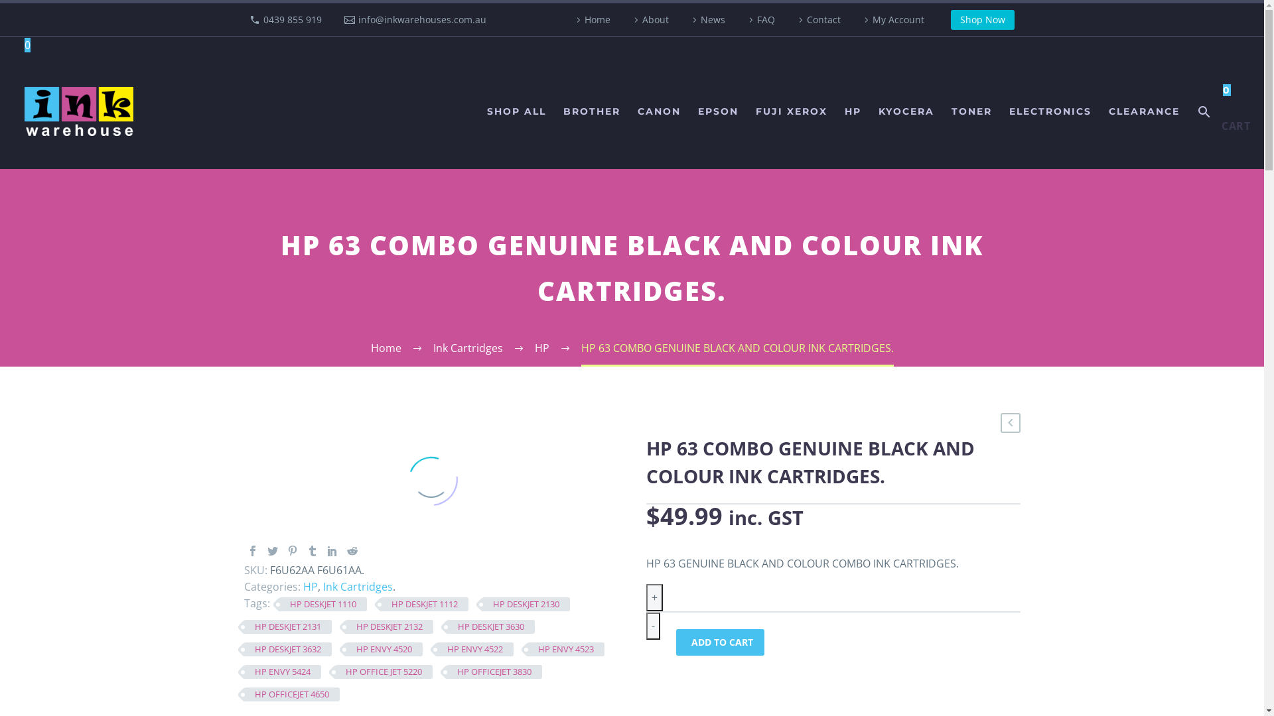 This screenshot has width=1274, height=716. Describe the element at coordinates (493, 672) in the screenshot. I see `'HP OFFICEJET 3830'` at that location.